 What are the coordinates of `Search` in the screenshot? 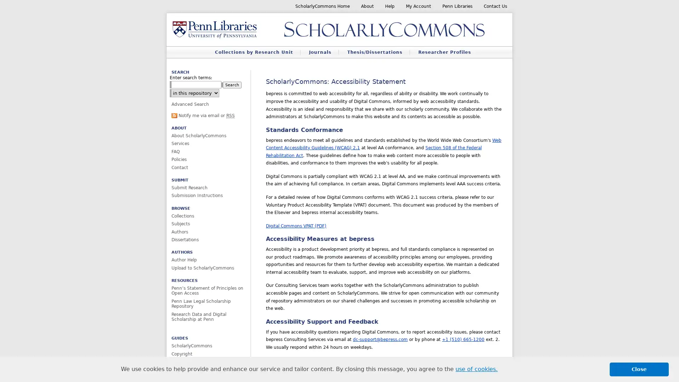 It's located at (232, 85).